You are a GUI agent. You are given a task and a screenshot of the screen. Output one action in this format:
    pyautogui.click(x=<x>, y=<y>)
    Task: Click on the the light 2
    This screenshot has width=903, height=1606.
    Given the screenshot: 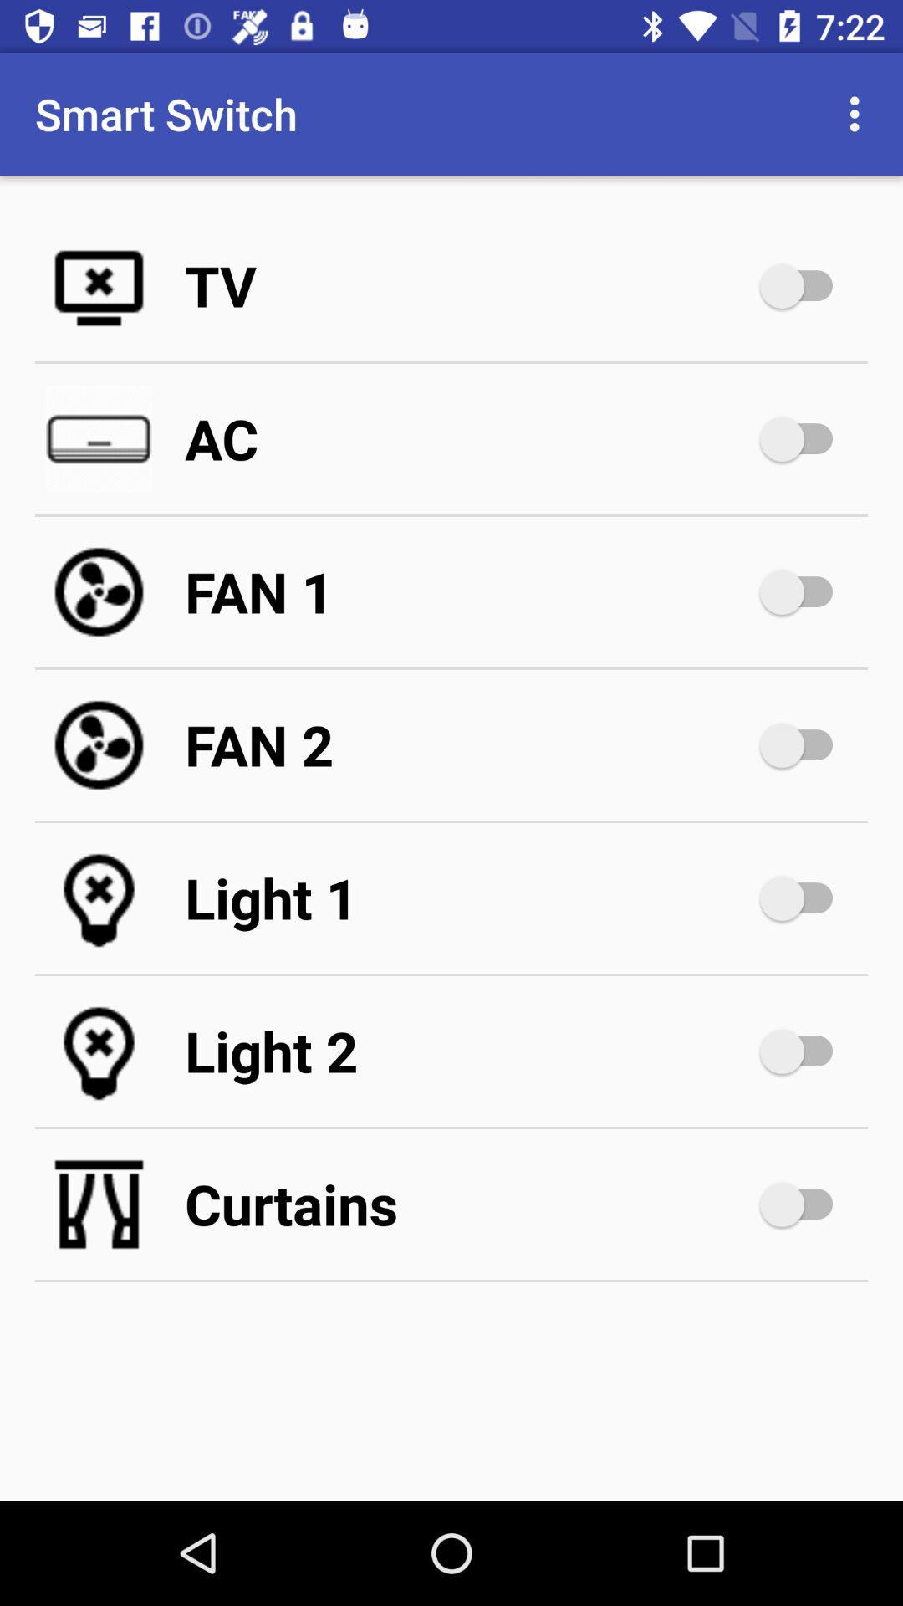 What is the action you would take?
    pyautogui.click(x=468, y=1051)
    